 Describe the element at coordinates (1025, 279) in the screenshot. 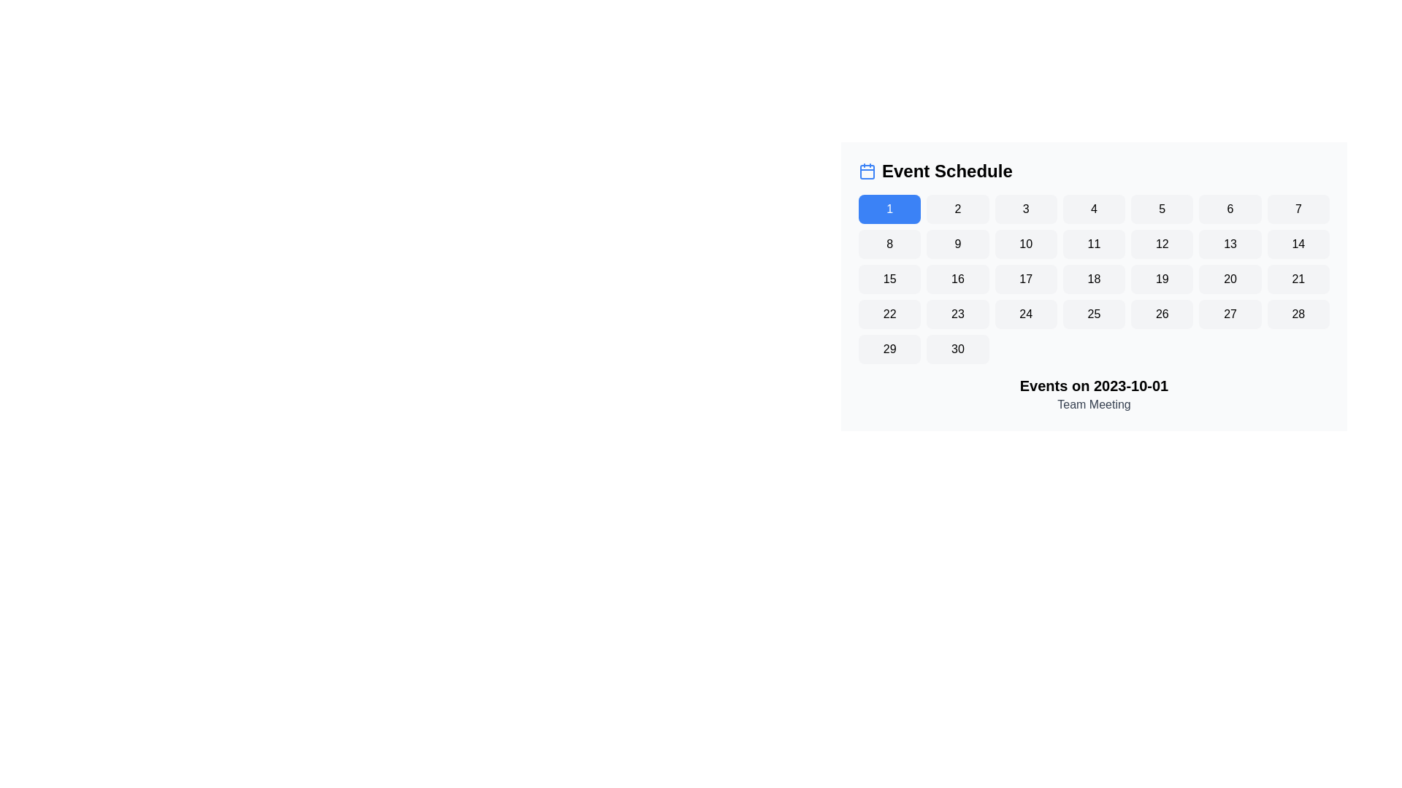

I see `the button representing the date '17' in the calendar` at that location.